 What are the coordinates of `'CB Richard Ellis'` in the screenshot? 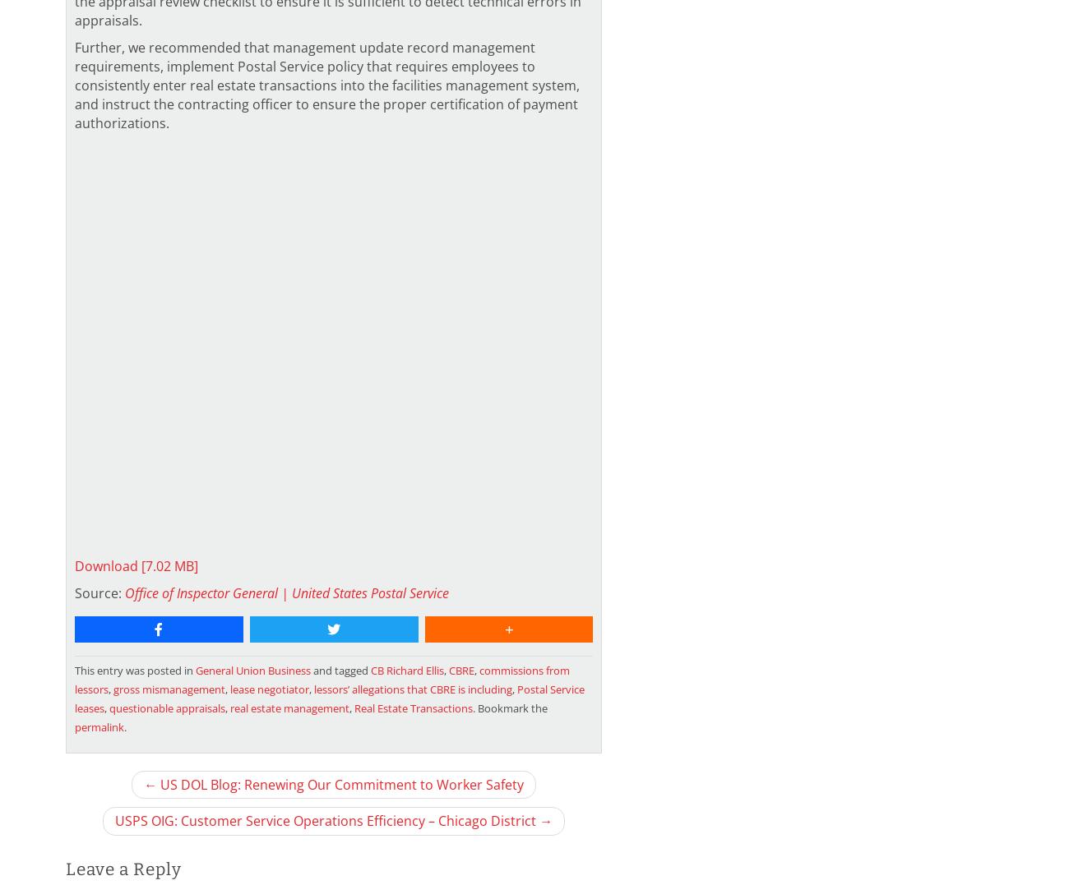 It's located at (407, 671).